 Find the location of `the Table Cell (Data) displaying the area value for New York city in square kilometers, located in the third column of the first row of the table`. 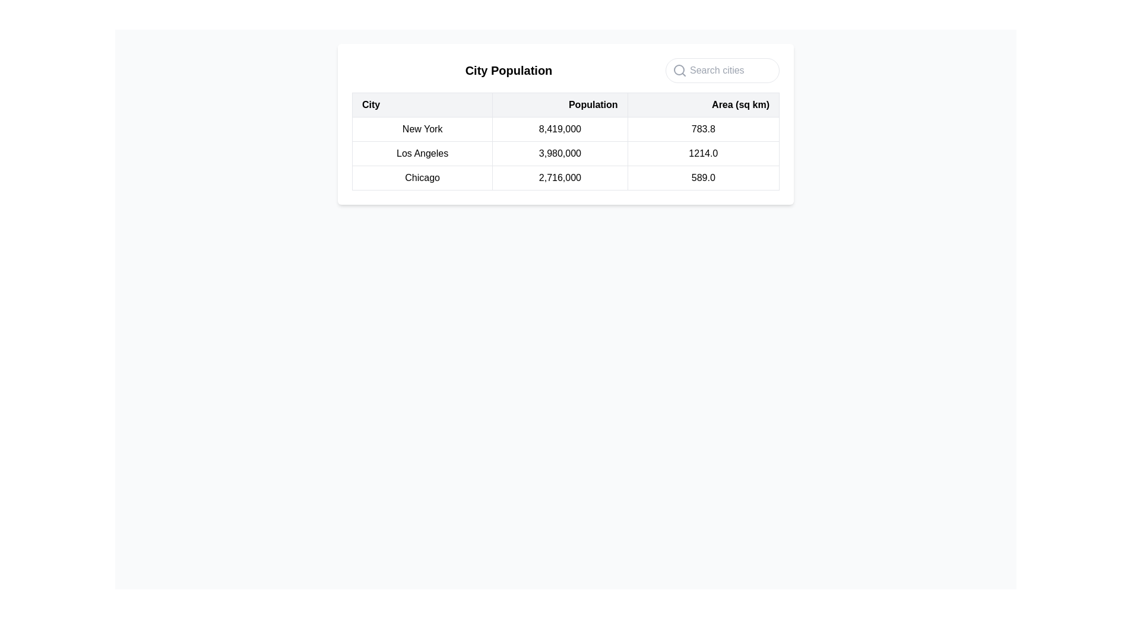

the Table Cell (Data) displaying the area value for New York city in square kilometers, located in the third column of the first row of the table is located at coordinates (703, 129).